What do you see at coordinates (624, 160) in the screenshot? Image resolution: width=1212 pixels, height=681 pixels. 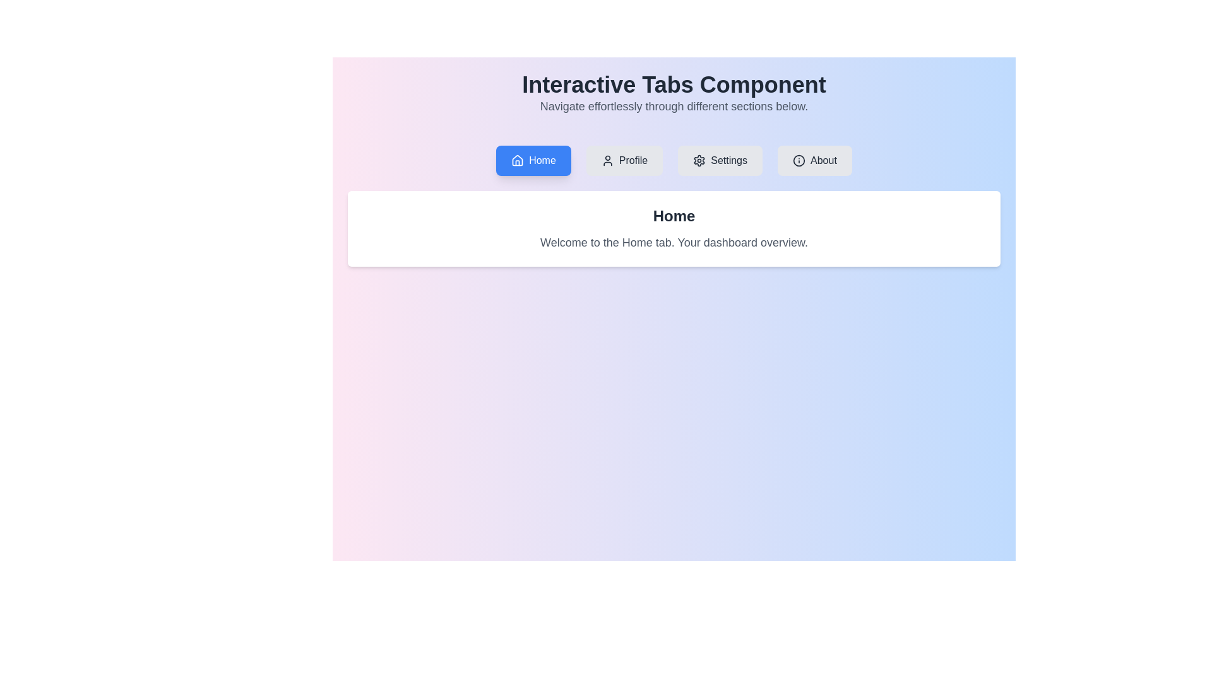 I see `the Profile tab by clicking the corresponding tab button` at bounding box center [624, 160].